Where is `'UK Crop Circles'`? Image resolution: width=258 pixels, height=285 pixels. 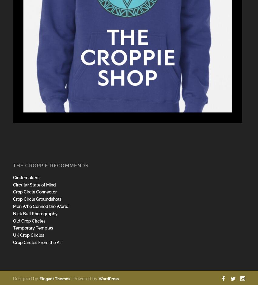 'UK Crop Circles' is located at coordinates (28, 235).